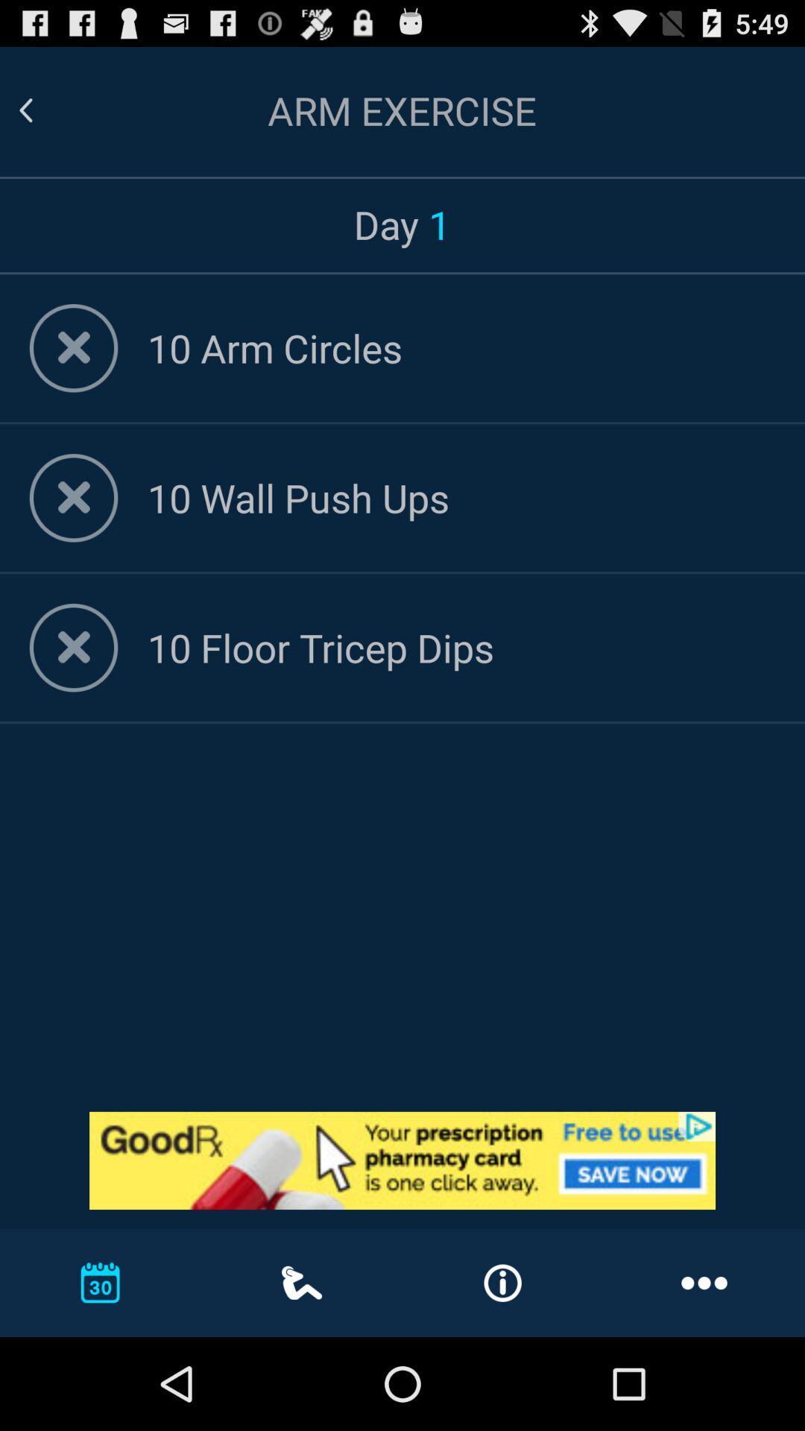 This screenshot has height=1431, width=805. I want to click on remove exercise, so click(74, 498).